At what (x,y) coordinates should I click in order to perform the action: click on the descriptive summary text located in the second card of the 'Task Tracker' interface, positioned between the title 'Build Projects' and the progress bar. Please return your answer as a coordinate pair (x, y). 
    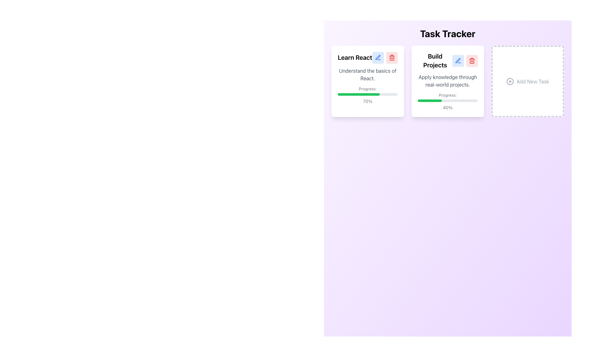
    Looking at the image, I should click on (447, 81).